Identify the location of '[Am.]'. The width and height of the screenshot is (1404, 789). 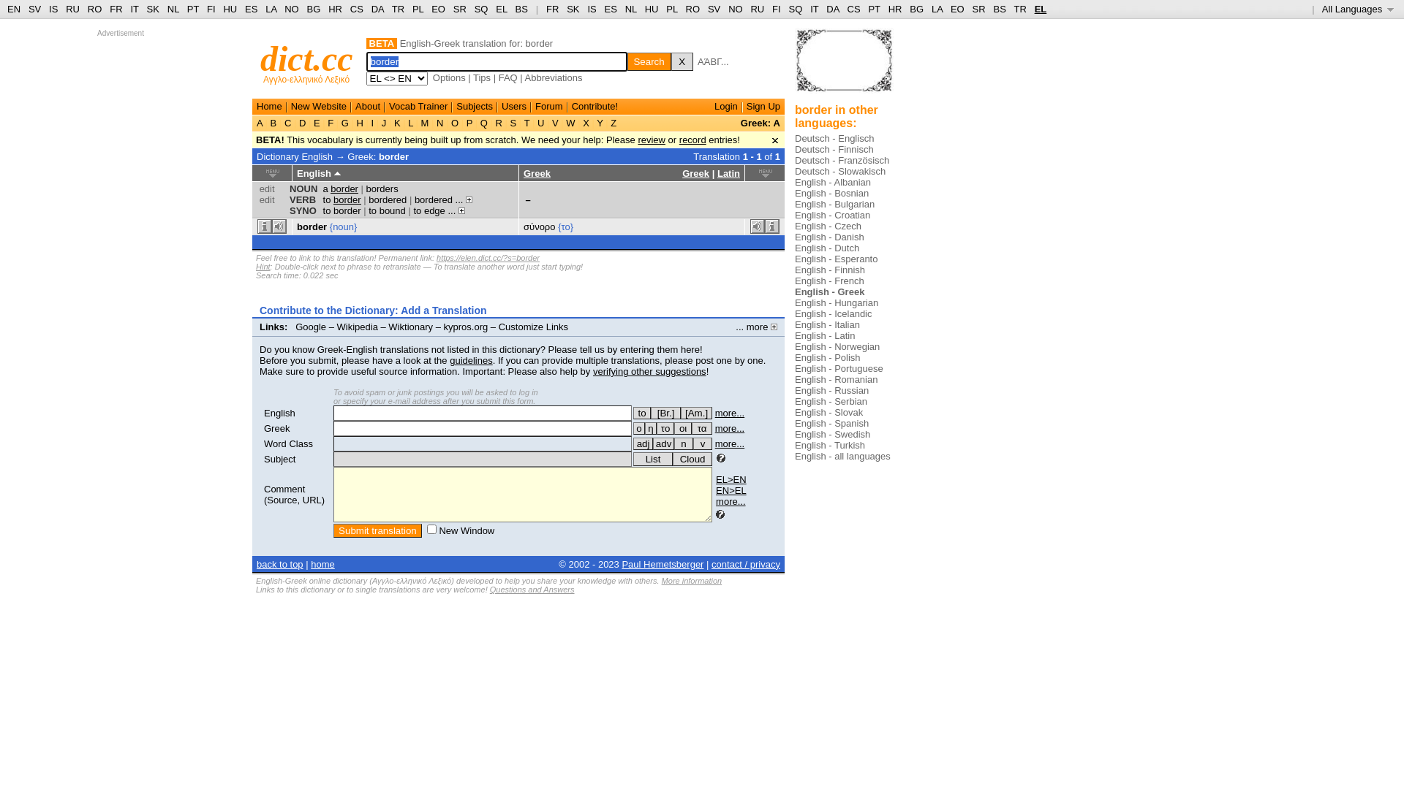
(695, 413).